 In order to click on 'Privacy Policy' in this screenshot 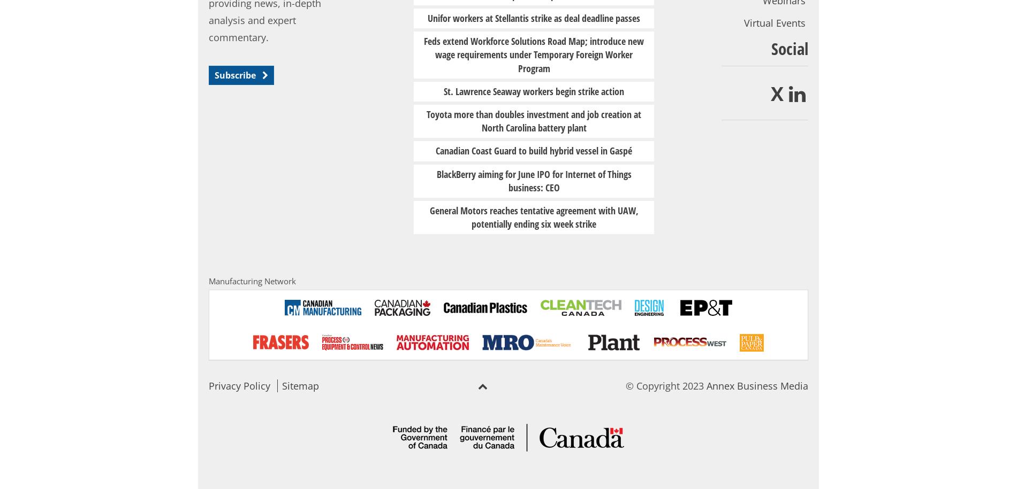, I will do `click(239, 385)`.